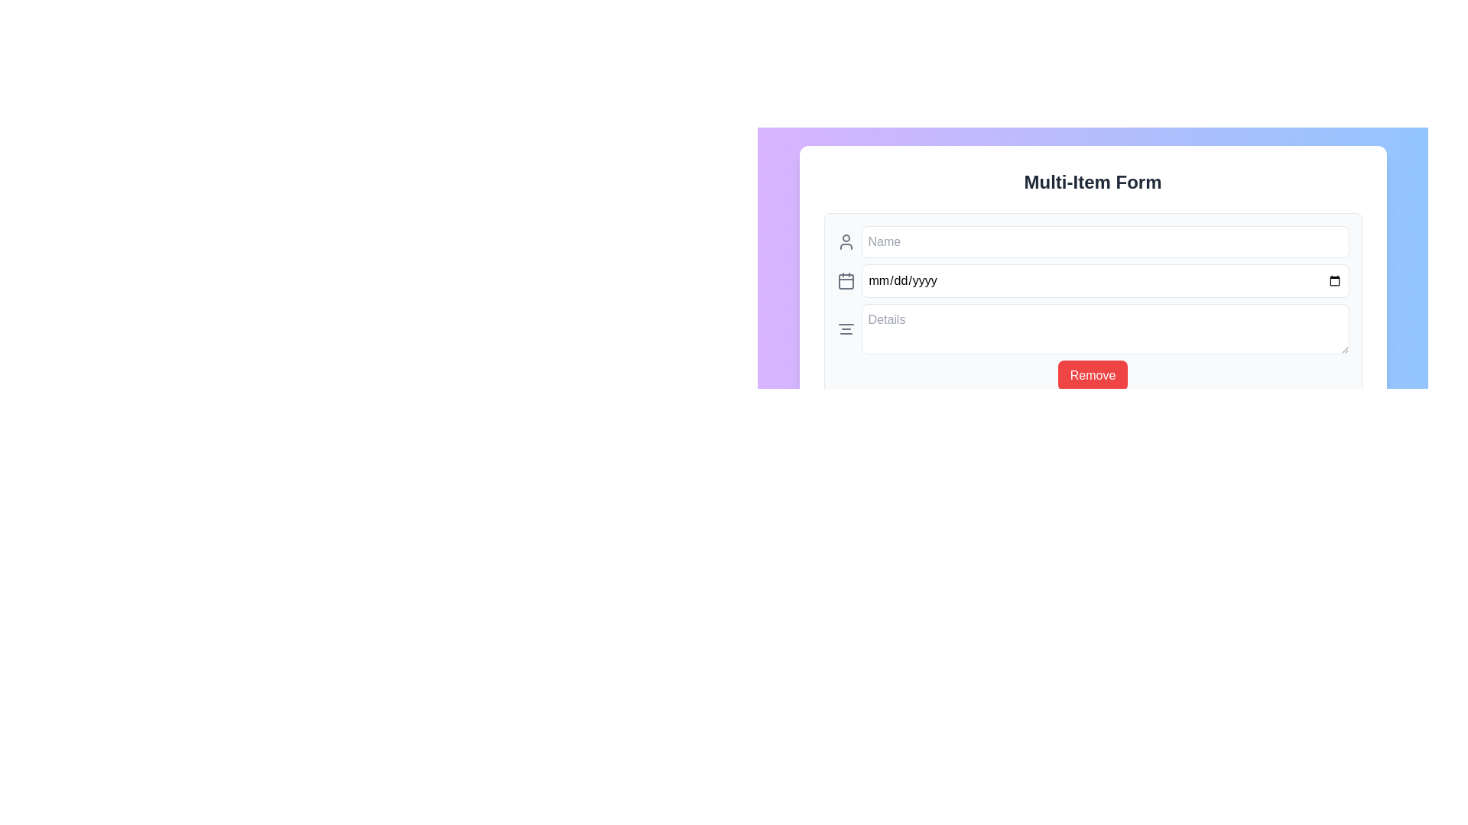 The image size is (1468, 825). Describe the element at coordinates (845, 328) in the screenshot. I see `the alignment icon, which is represented by parallel horizontal lines, located to the left of the 'Details' text input field` at that location.